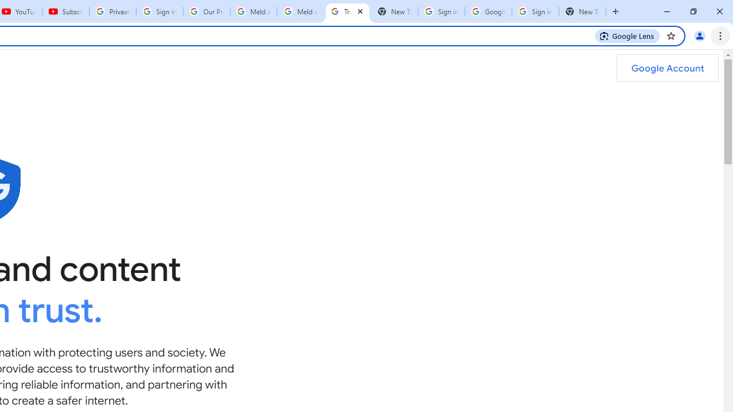  I want to click on 'Search with Google Lens', so click(626, 35).